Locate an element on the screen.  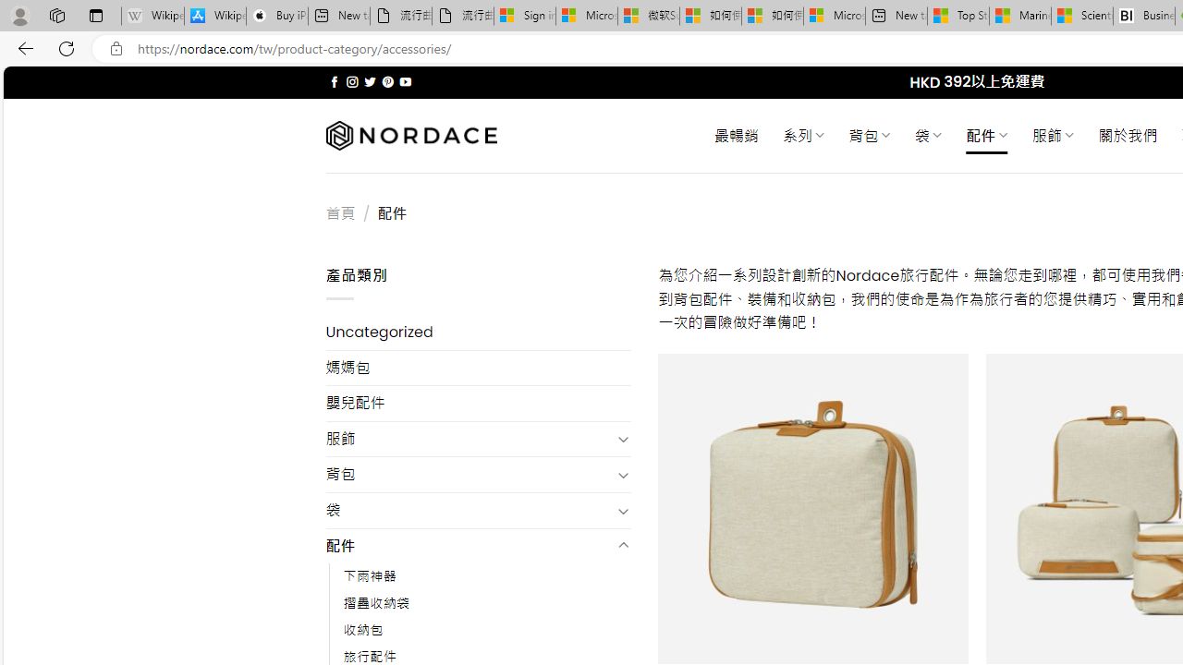
'Follow on Pinterest' is located at coordinates (386, 81).